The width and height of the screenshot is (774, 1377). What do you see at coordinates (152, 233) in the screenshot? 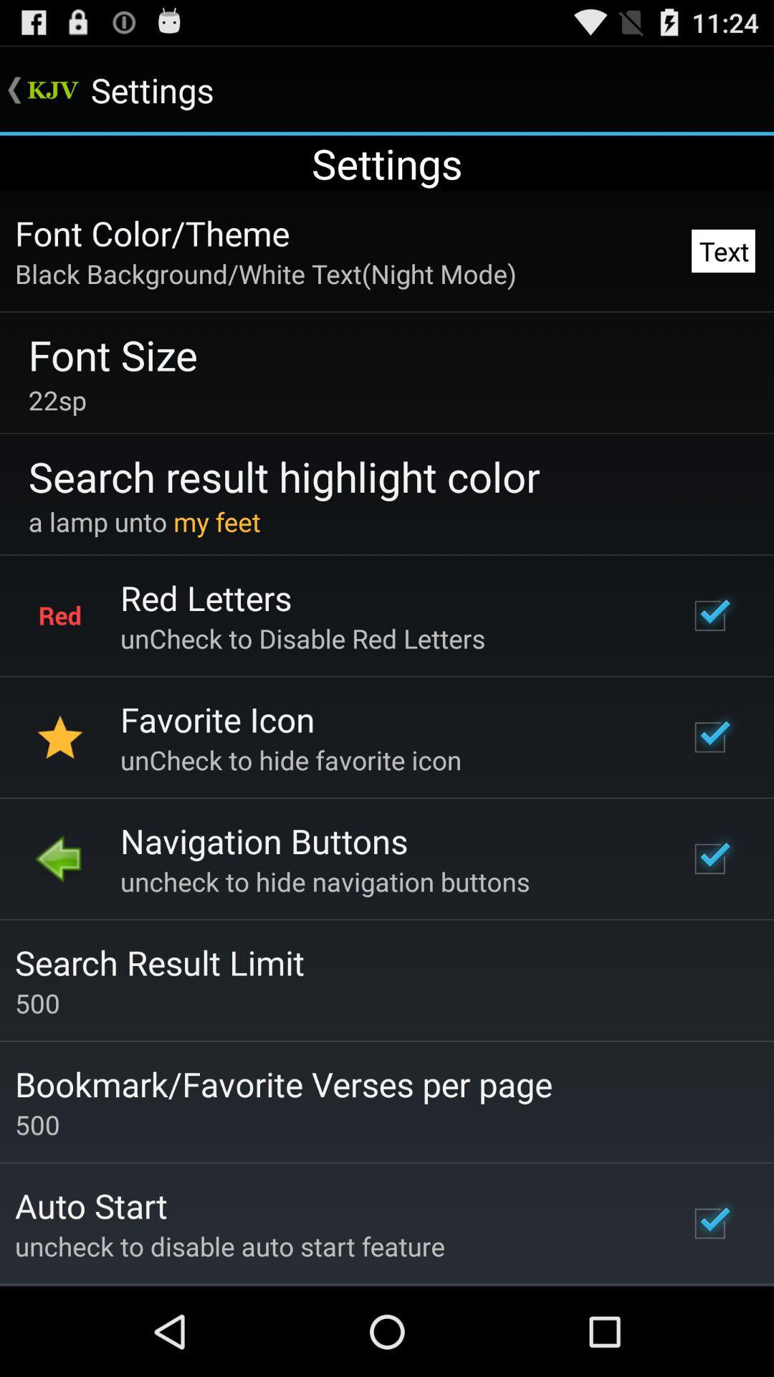
I see `item next to text app` at bounding box center [152, 233].